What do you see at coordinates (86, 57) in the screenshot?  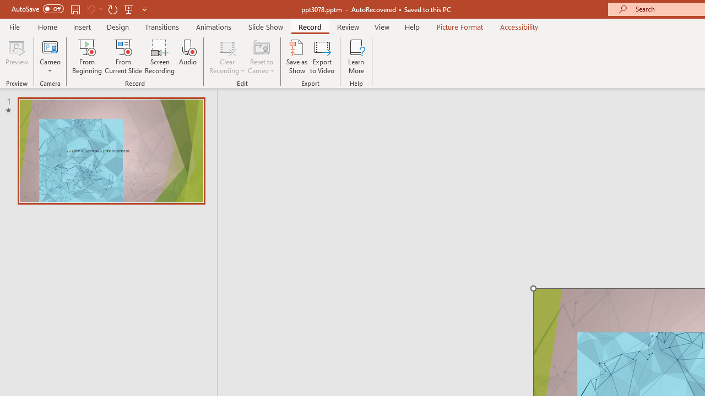 I see `'From Beginning...'` at bounding box center [86, 57].